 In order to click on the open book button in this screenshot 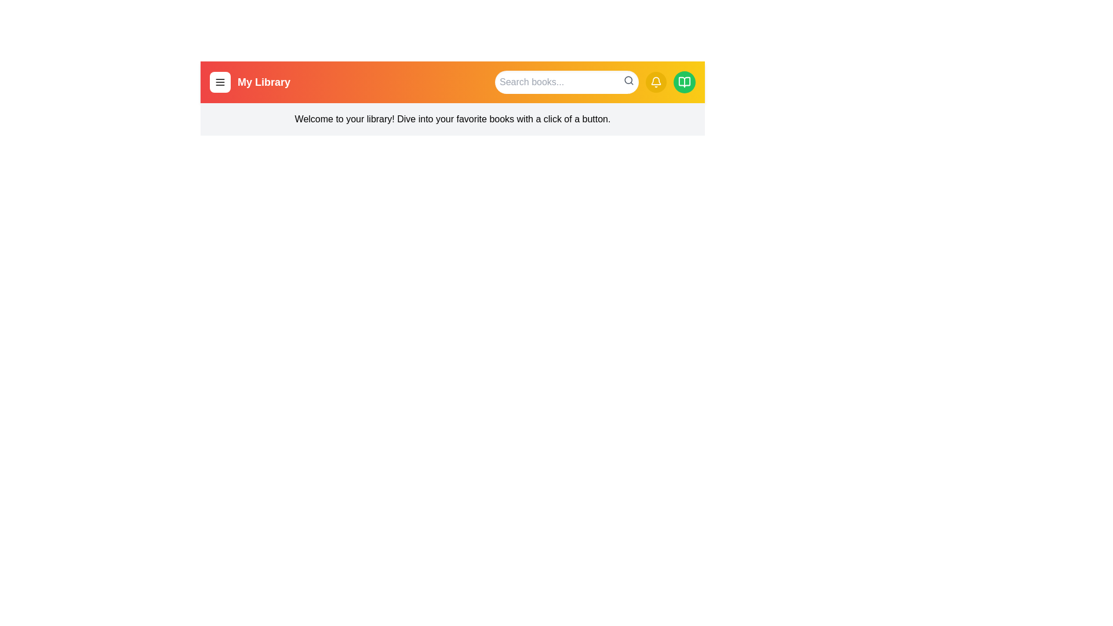, I will do `click(684, 82)`.